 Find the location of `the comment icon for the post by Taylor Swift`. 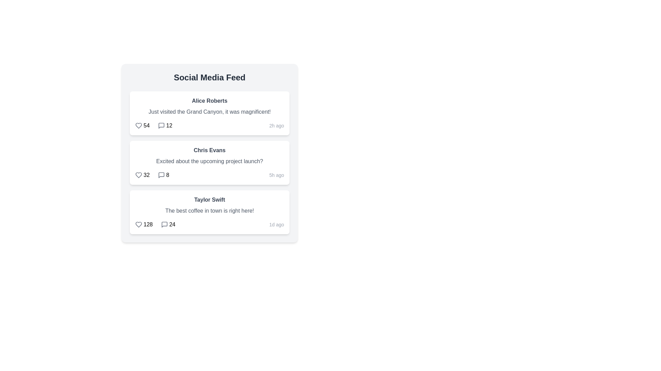

the comment icon for the post by Taylor Swift is located at coordinates (164, 225).